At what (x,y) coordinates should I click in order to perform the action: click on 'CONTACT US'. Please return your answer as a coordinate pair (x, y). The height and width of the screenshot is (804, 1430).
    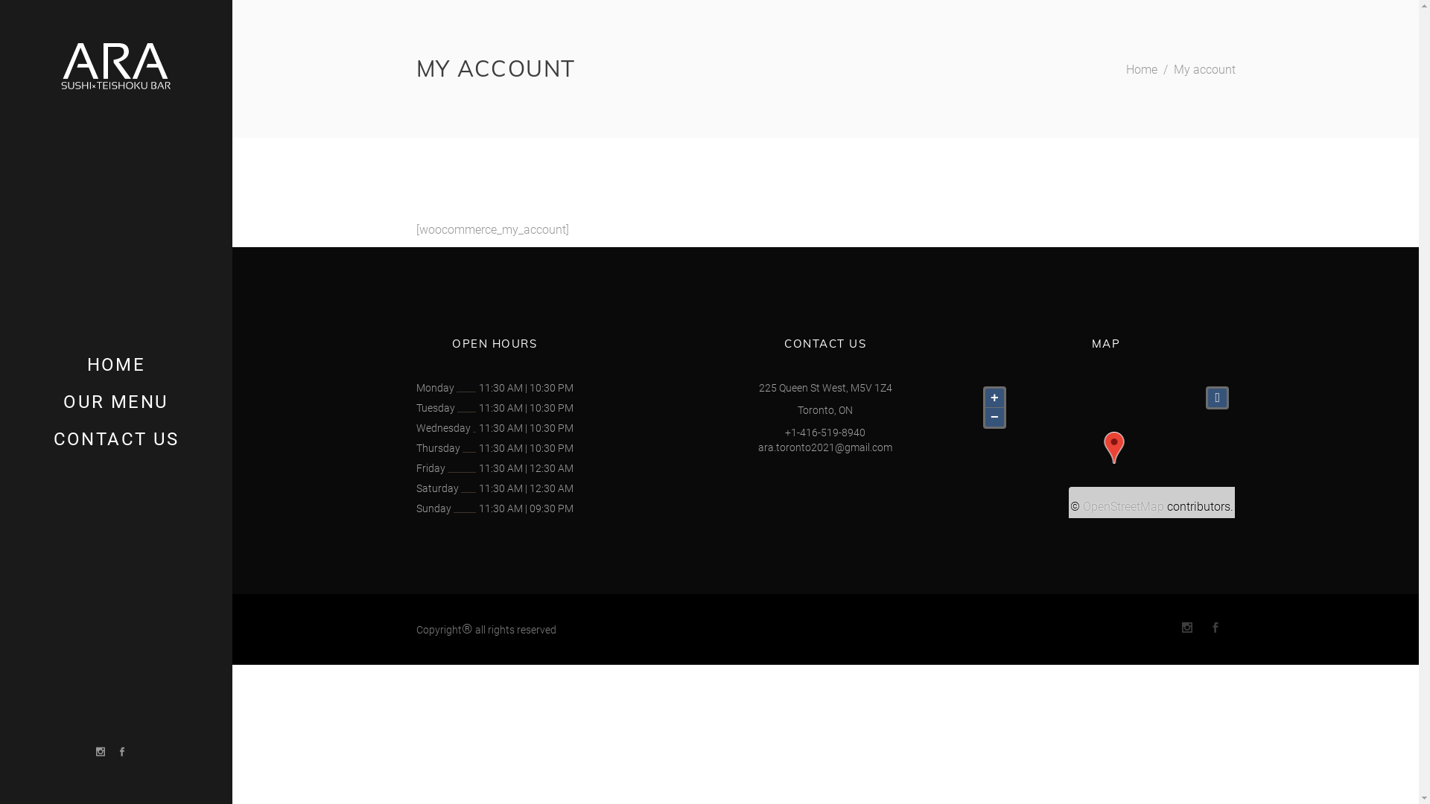
    Looking at the image, I should click on (33, 438).